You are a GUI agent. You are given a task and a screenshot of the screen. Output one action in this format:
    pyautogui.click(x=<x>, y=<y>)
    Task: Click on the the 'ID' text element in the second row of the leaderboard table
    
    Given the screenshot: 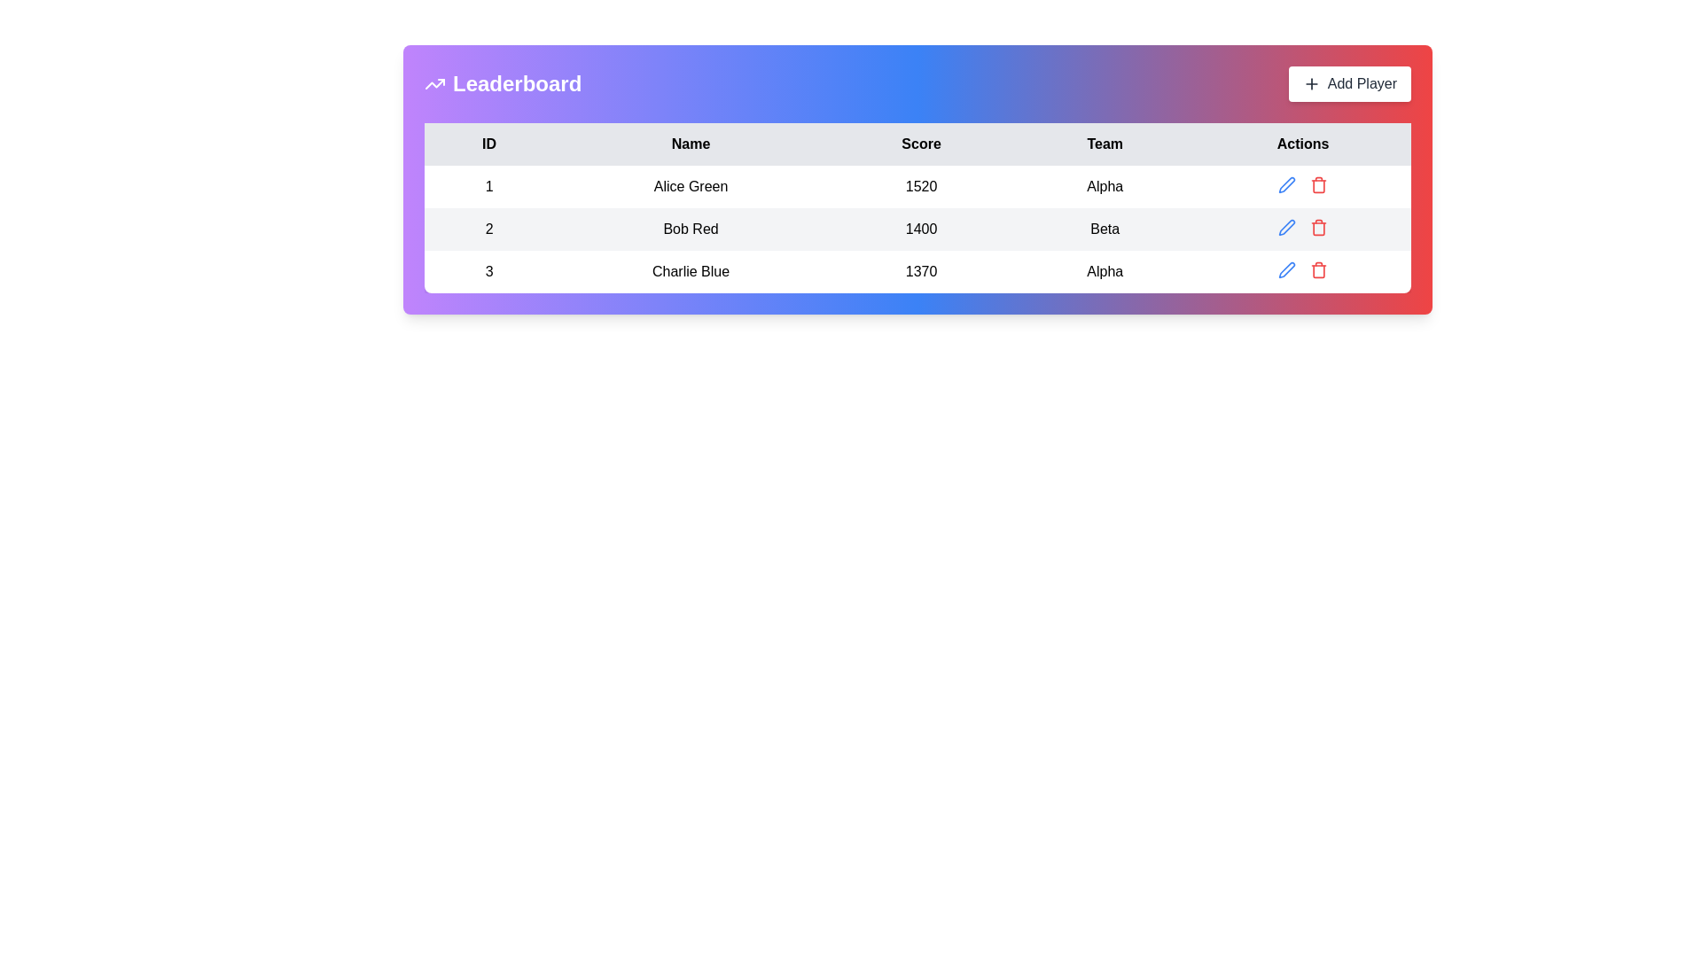 What is the action you would take?
    pyautogui.click(x=489, y=228)
    